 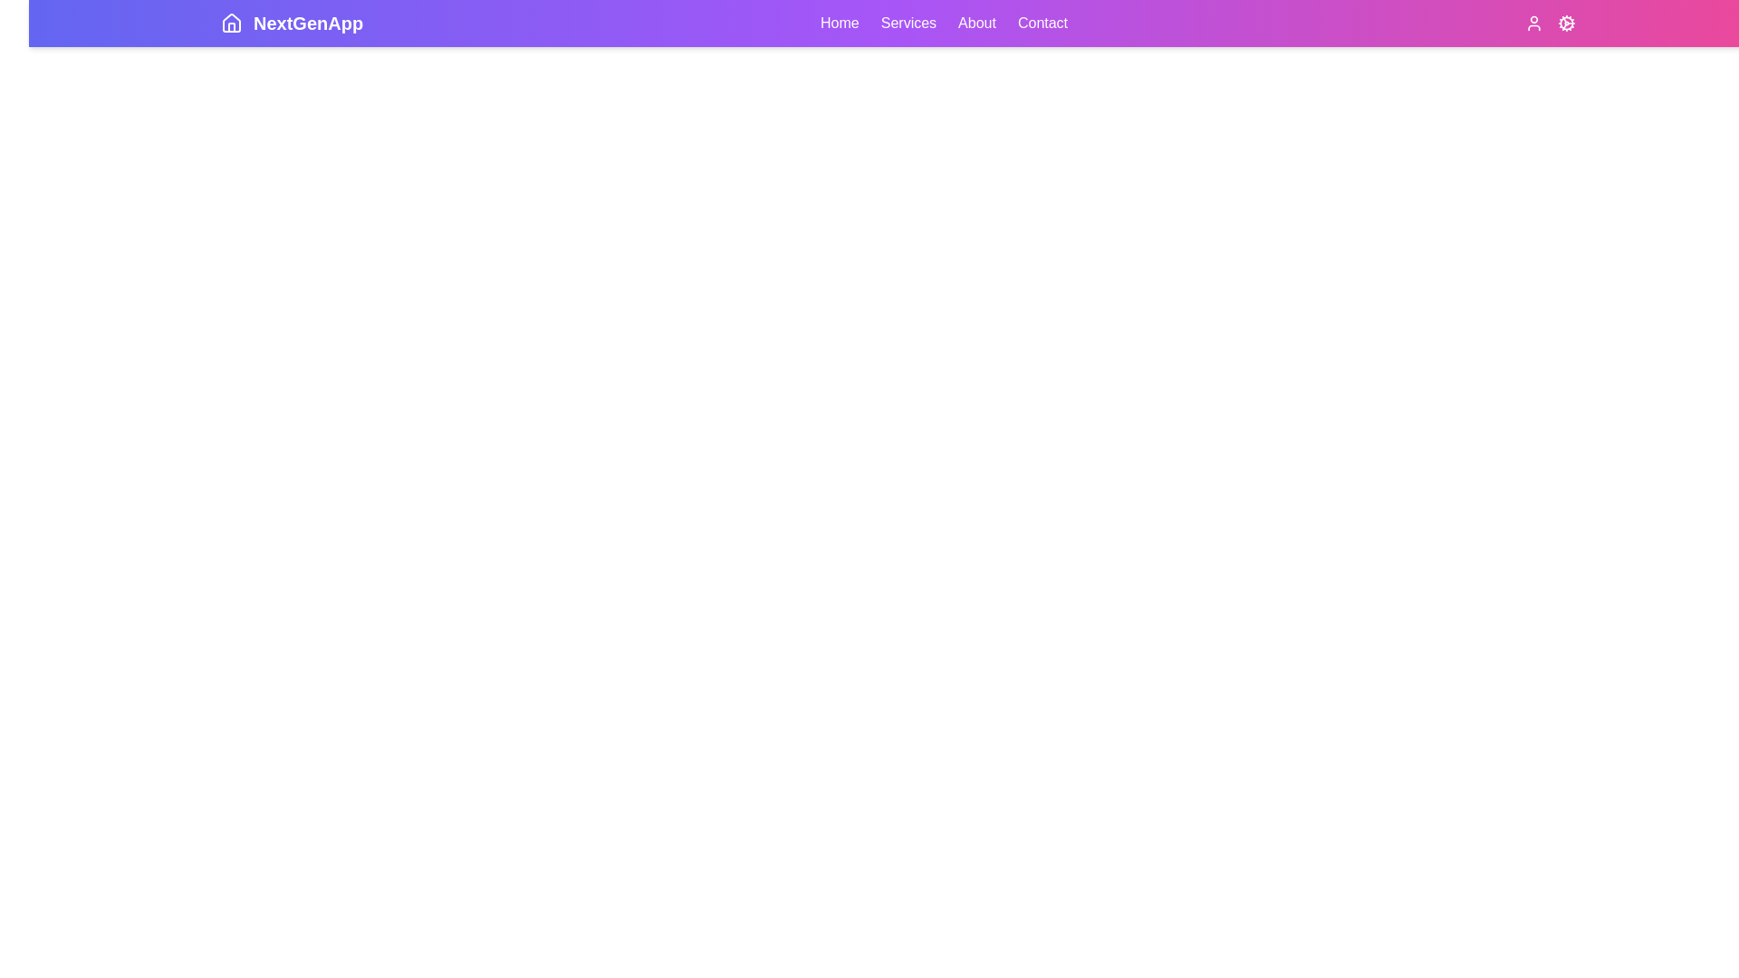 What do you see at coordinates (908, 24) in the screenshot?
I see `the Services navigation link` at bounding box center [908, 24].